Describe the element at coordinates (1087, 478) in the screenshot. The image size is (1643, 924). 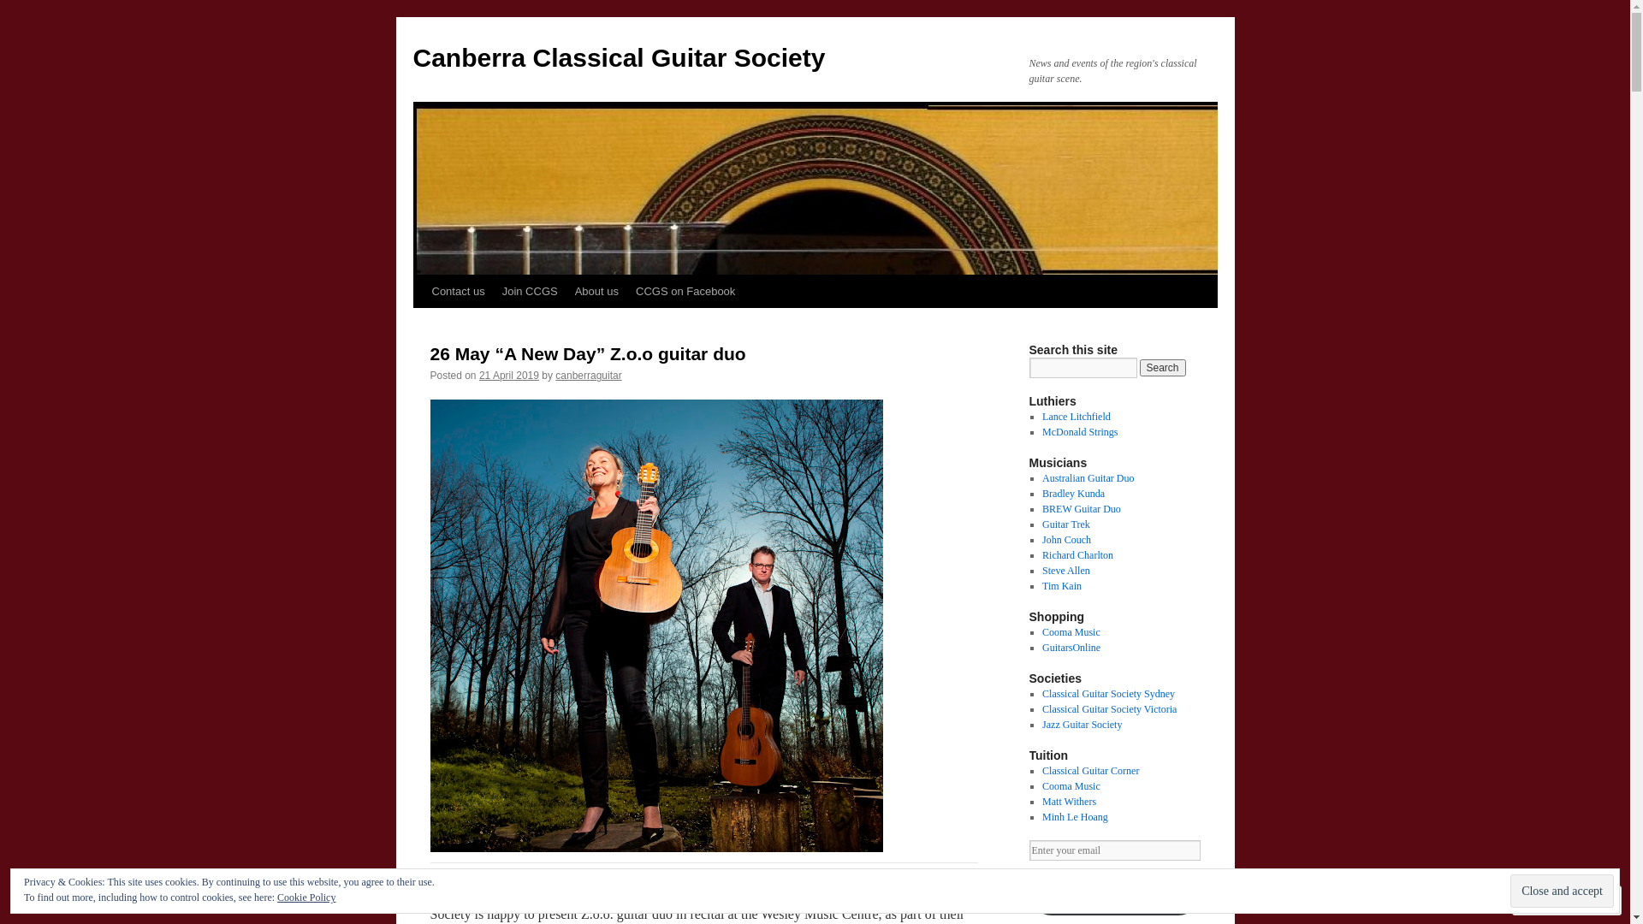
I see `'Australian Guitar Duo'` at that location.